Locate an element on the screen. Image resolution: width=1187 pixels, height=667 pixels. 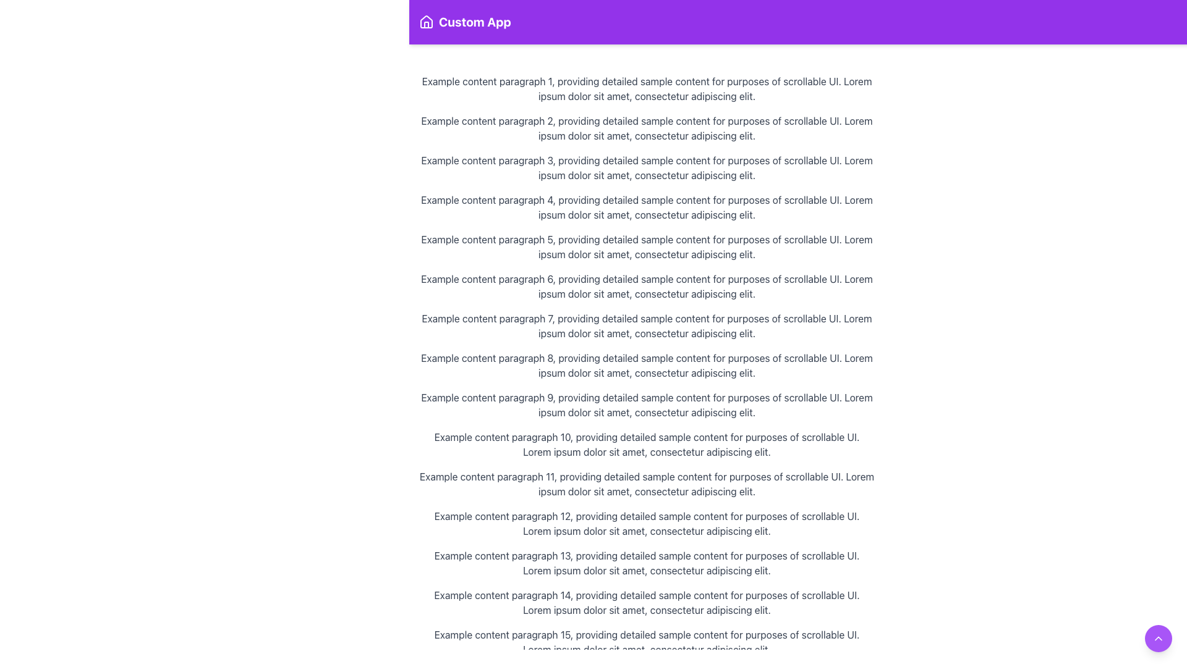
the upward arrow icon within the circular purple button at the bottom-right corner to get visual feedback is located at coordinates (1157, 638).